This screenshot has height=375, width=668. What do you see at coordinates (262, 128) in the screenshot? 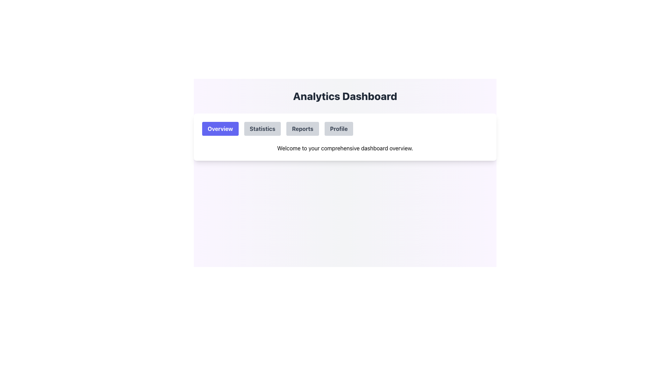
I see `the 'Statistics' navigation button located in the upper section of the web interface` at bounding box center [262, 128].